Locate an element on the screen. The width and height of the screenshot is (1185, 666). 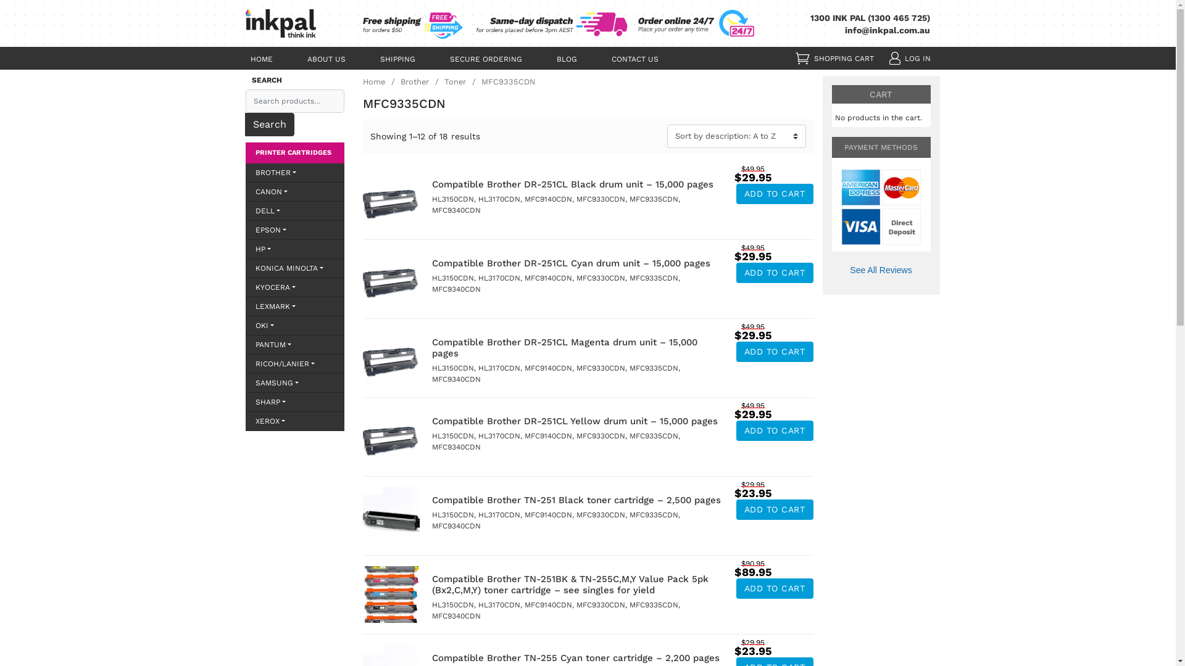
'SHOPPING CART' is located at coordinates (842, 59).